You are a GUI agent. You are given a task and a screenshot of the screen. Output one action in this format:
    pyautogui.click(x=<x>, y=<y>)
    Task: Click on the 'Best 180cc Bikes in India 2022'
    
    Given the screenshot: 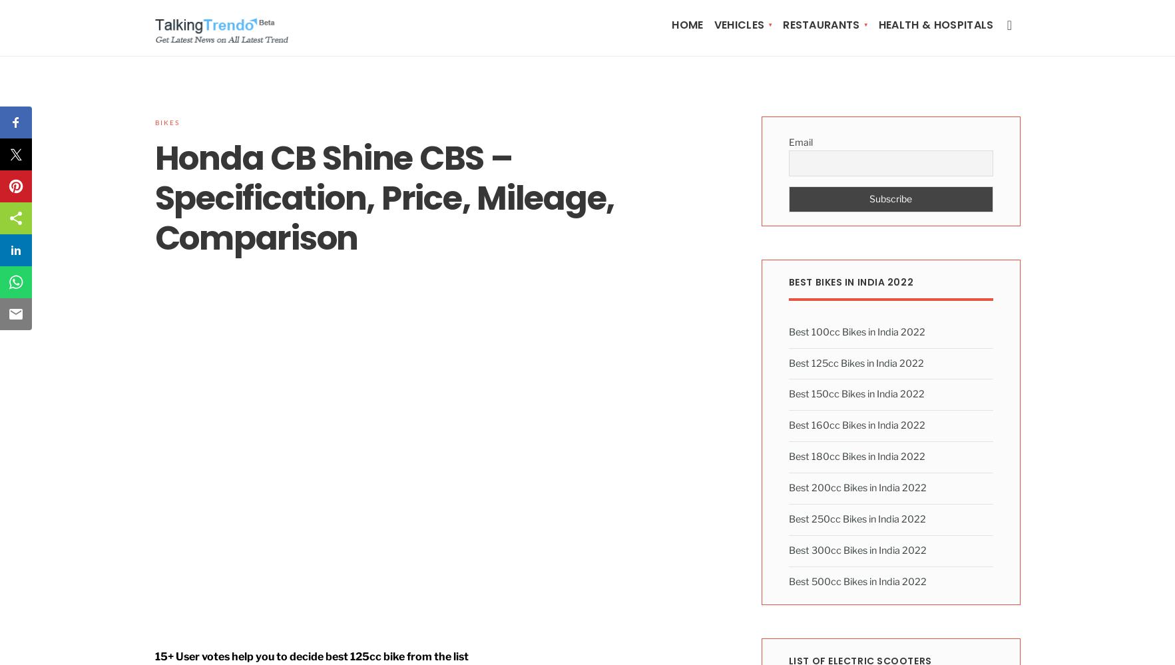 What is the action you would take?
    pyautogui.click(x=856, y=457)
    